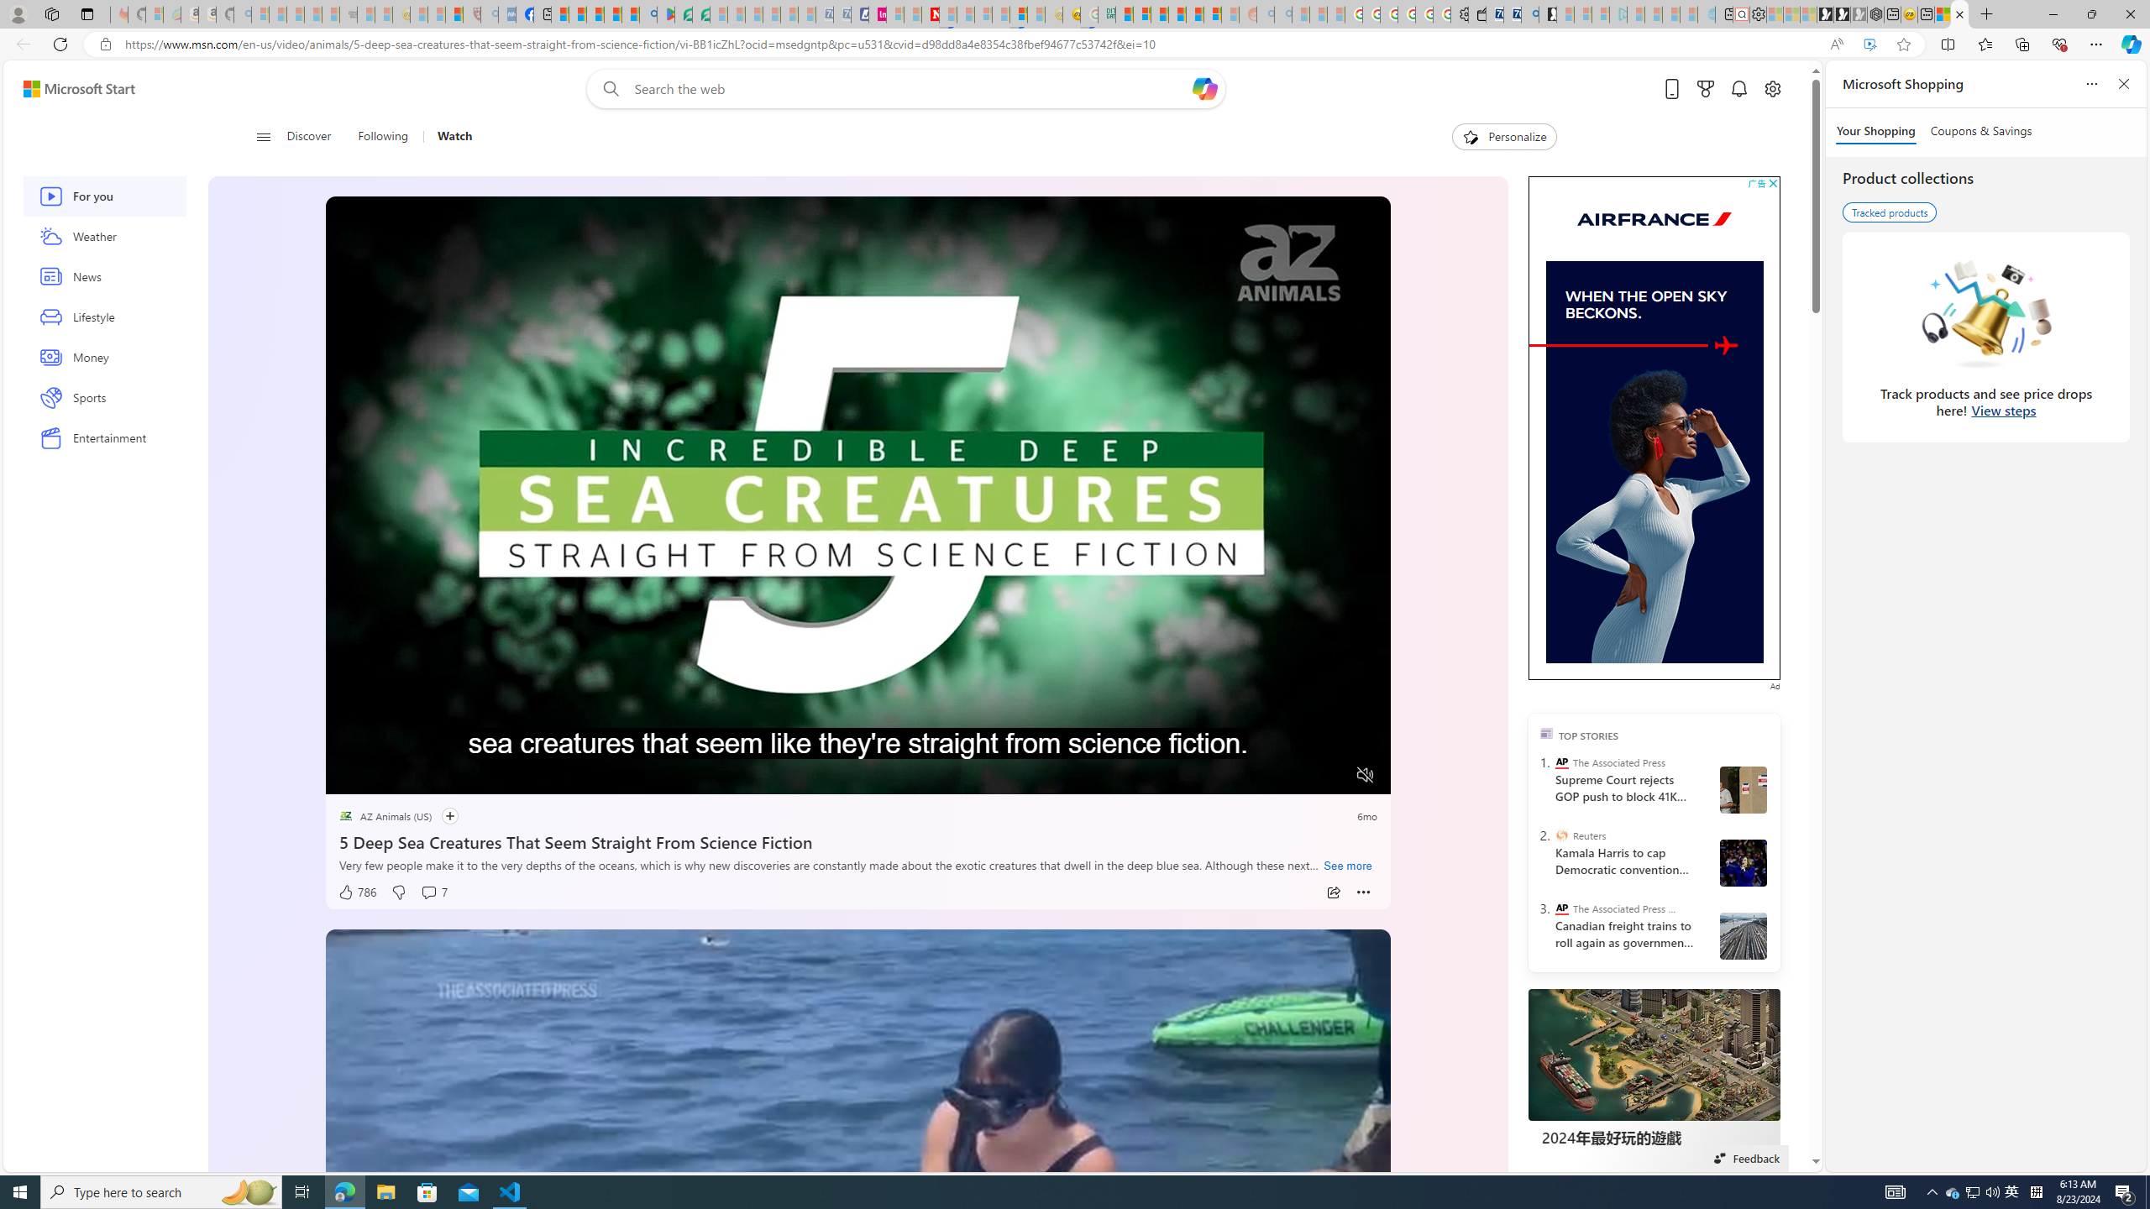 The width and height of the screenshot is (2150, 1209). What do you see at coordinates (1705, 89) in the screenshot?
I see `'Microsoft rewards'` at bounding box center [1705, 89].